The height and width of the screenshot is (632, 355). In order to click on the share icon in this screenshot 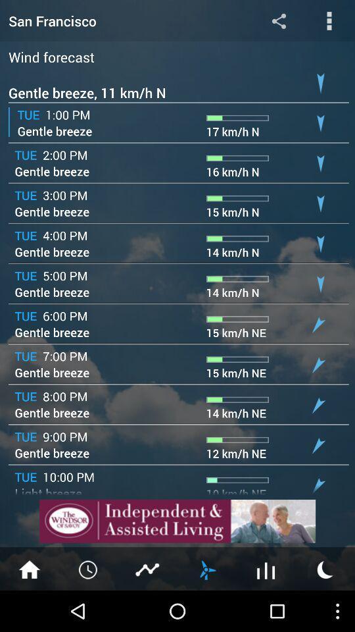, I will do `click(278, 22)`.